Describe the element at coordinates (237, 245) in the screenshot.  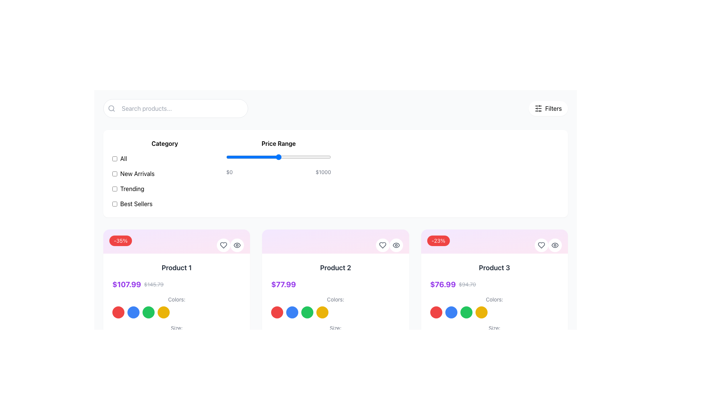
I see `the eye-shaped icon located in the top-right corner of the card for Product 2, which is styled with a minimalistic design and has a circular button with a light background` at that location.